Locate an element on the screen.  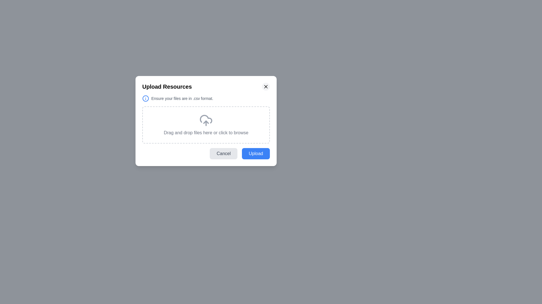
the upload button located in the bottom-right corner of the 'Upload Resources' dialog box is located at coordinates (255, 154).